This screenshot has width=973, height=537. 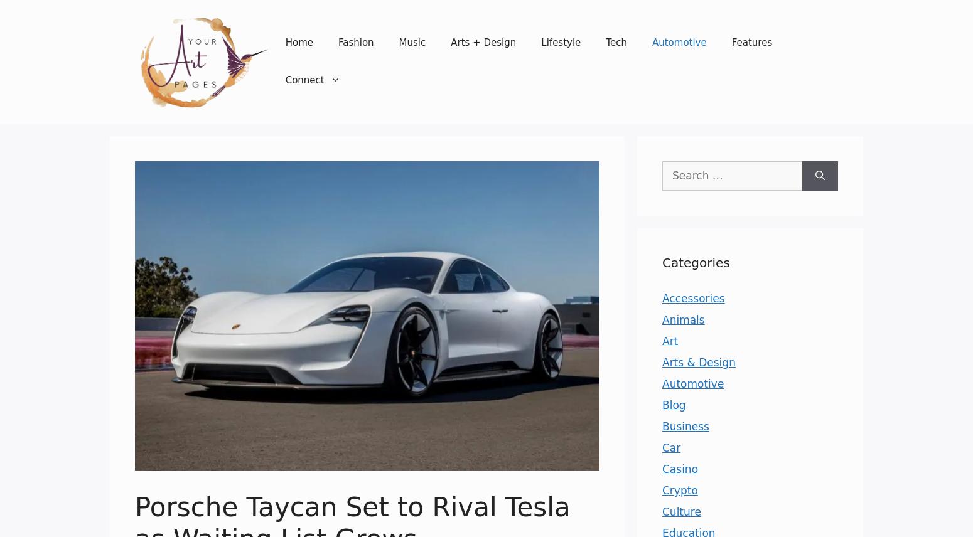 What do you see at coordinates (692, 298) in the screenshot?
I see `'Accessories'` at bounding box center [692, 298].